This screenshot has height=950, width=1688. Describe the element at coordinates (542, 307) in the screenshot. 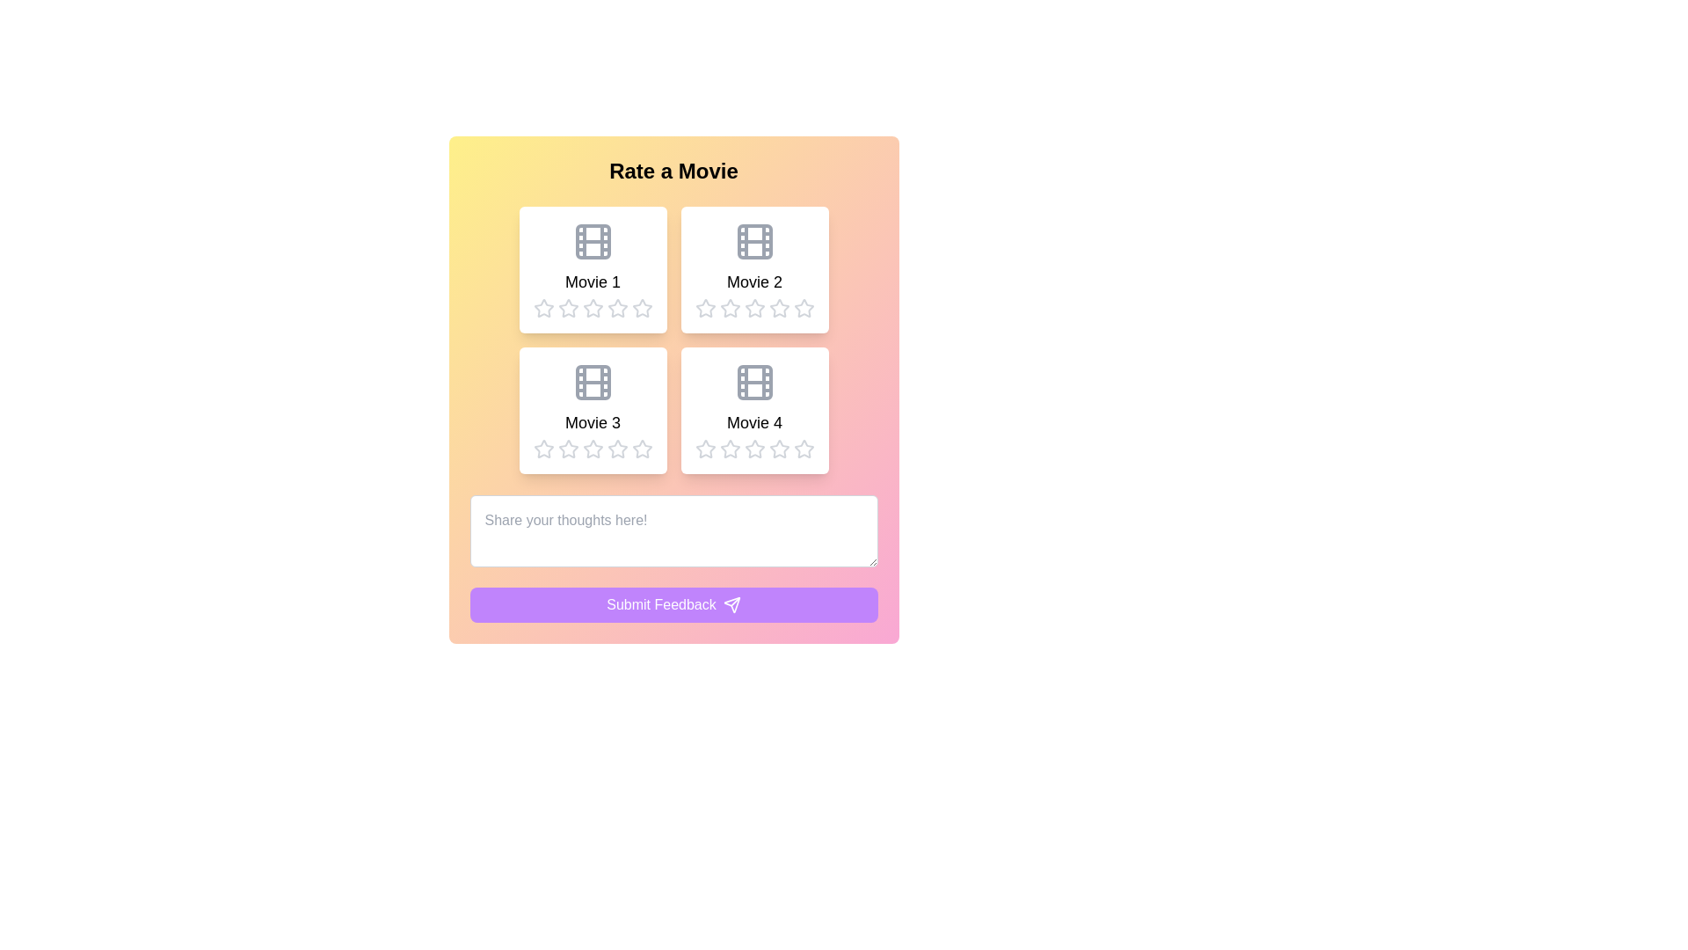

I see `the first star in the row of five stars under the 'Movie 1' section to assign a single-star rating` at that location.